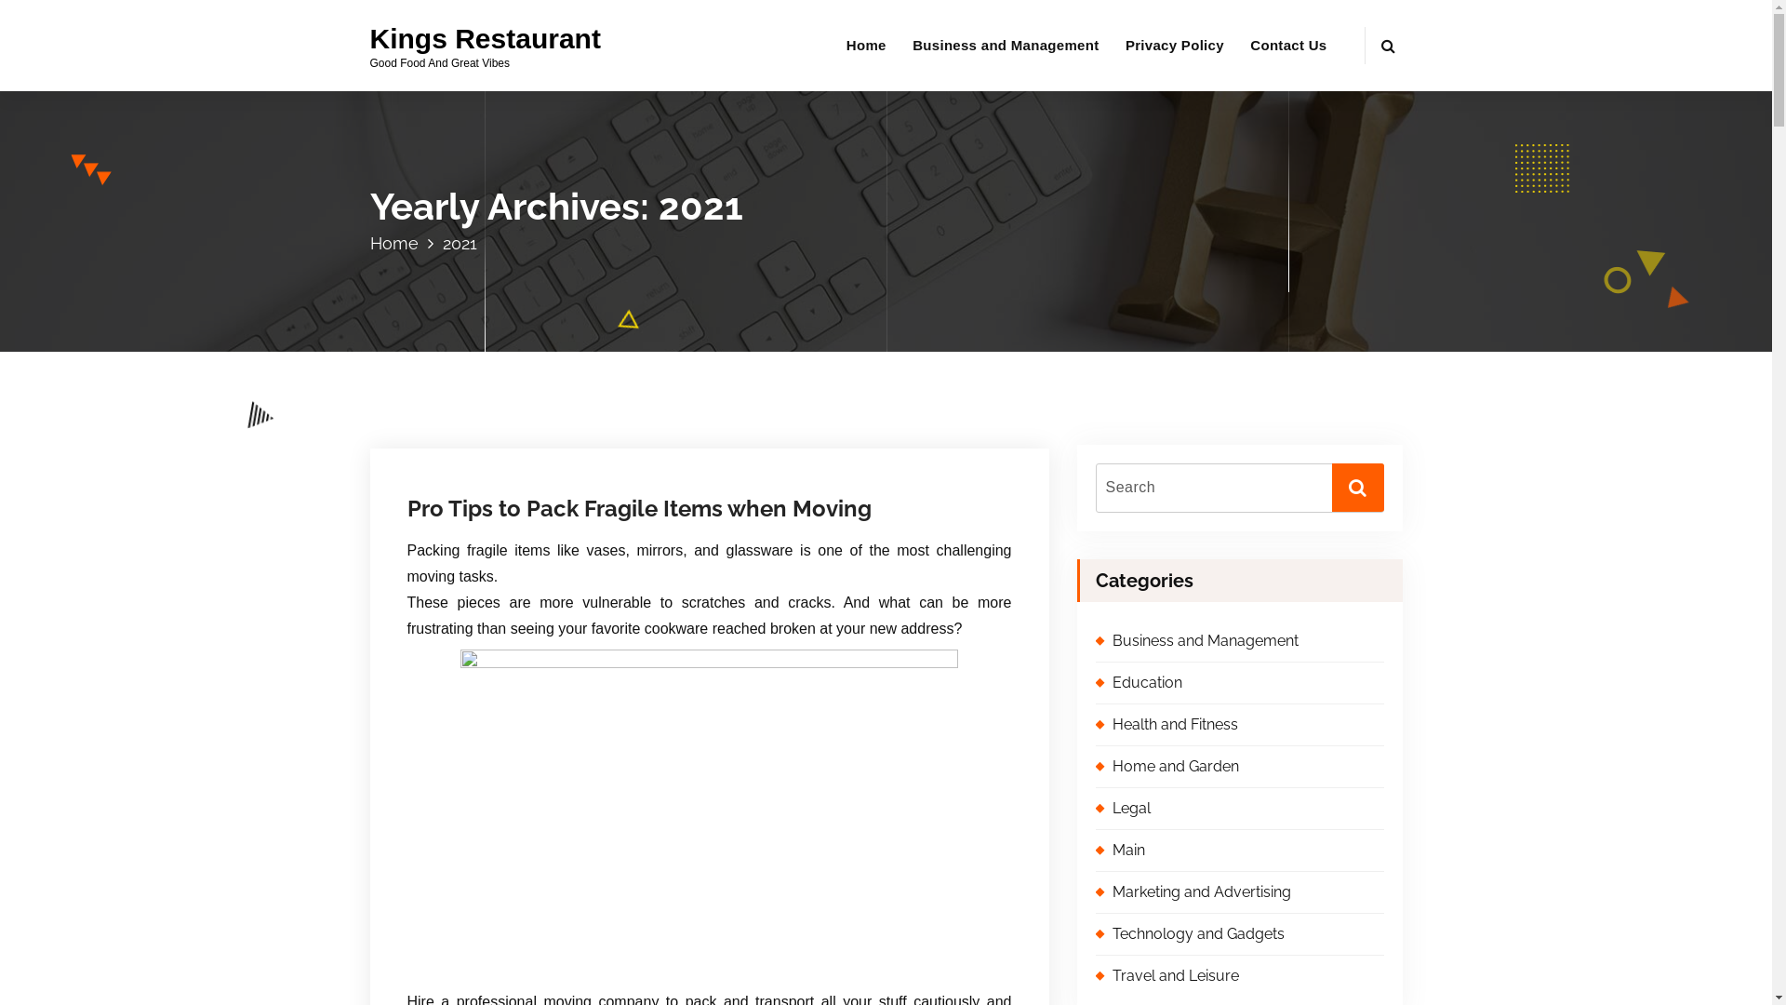 This screenshot has width=1786, height=1005. What do you see at coordinates (1240, 933) in the screenshot?
I see `'Technology and Gadgets'` at bounding box center [1240, 933].